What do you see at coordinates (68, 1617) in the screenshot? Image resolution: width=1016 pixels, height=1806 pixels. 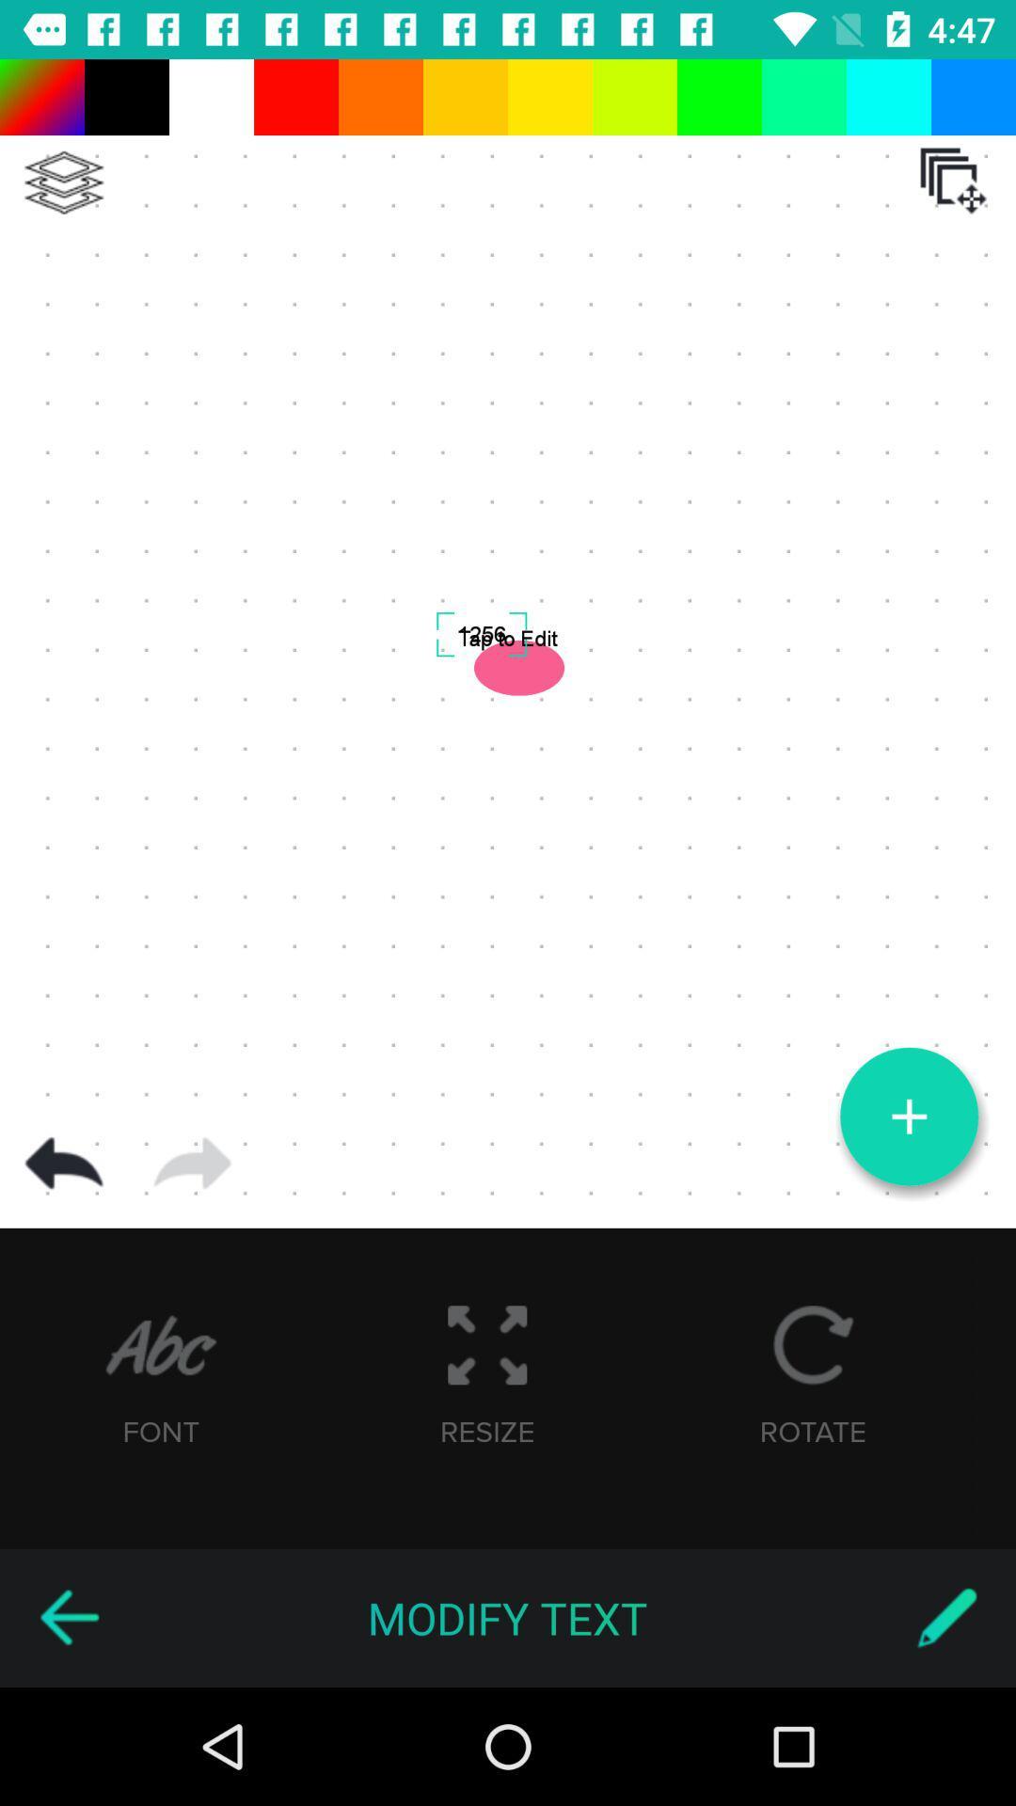 I see `the arrow_backward icon` at bounding box center [68, 1617].